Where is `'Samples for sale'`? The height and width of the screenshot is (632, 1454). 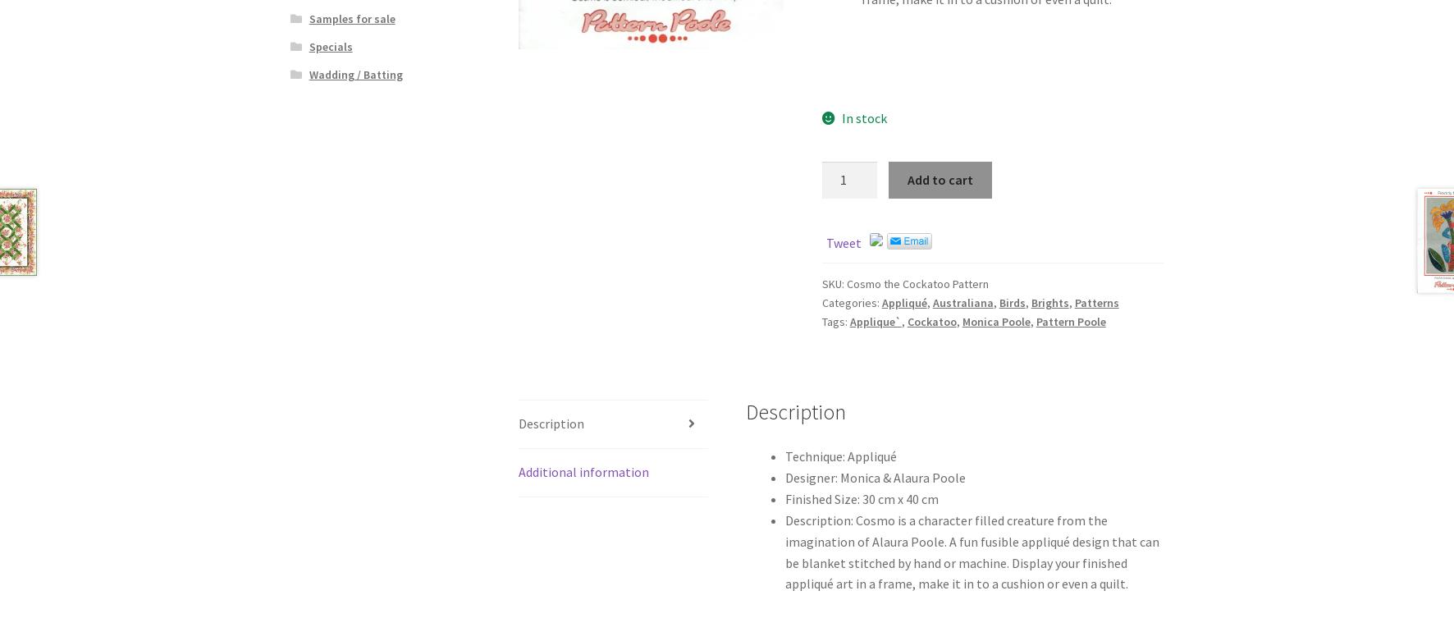
'Samples for sale' is located at coordinates (351, 18).